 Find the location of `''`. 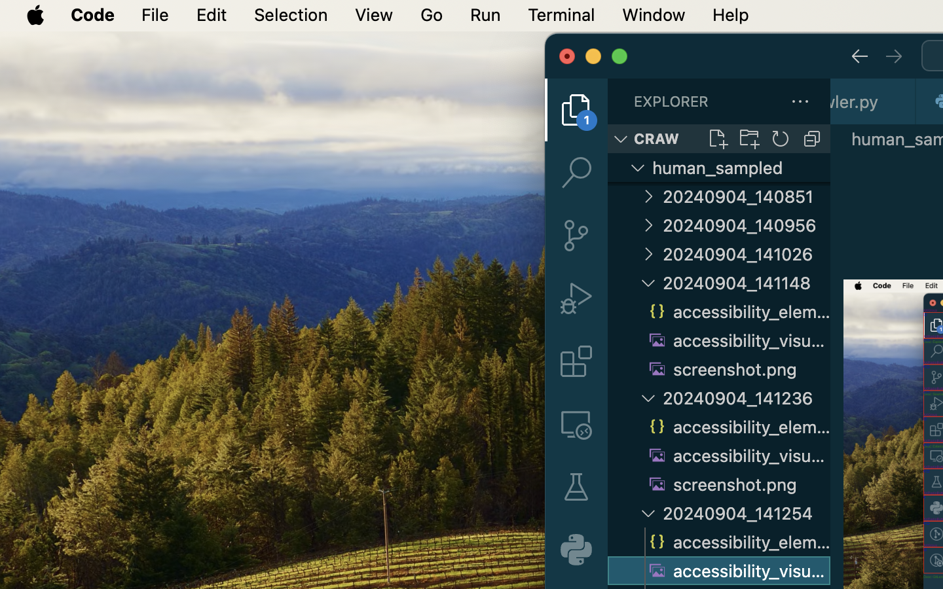

'' is located at coordinates (859, 56).